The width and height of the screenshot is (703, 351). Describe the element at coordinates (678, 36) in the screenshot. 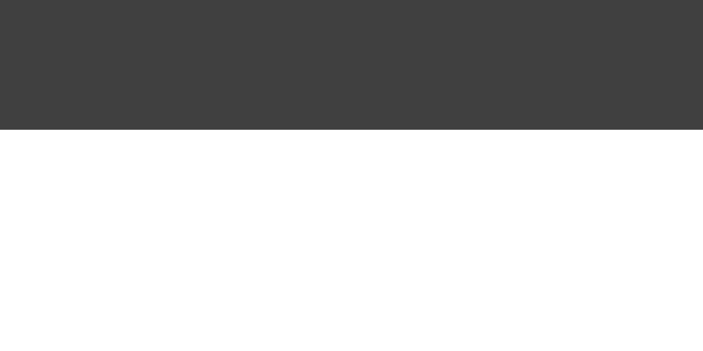

I see `'Back To Top'` at that location.